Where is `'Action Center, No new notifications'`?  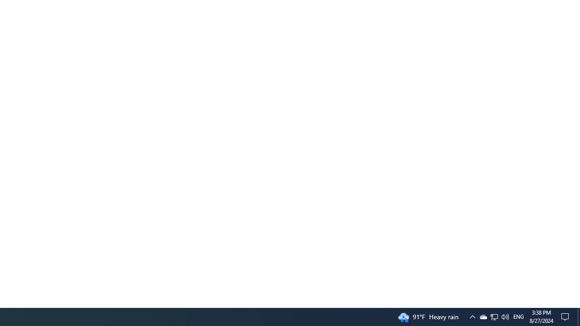
'Action Center, No new notifications' is located at coordinates (566, 316).